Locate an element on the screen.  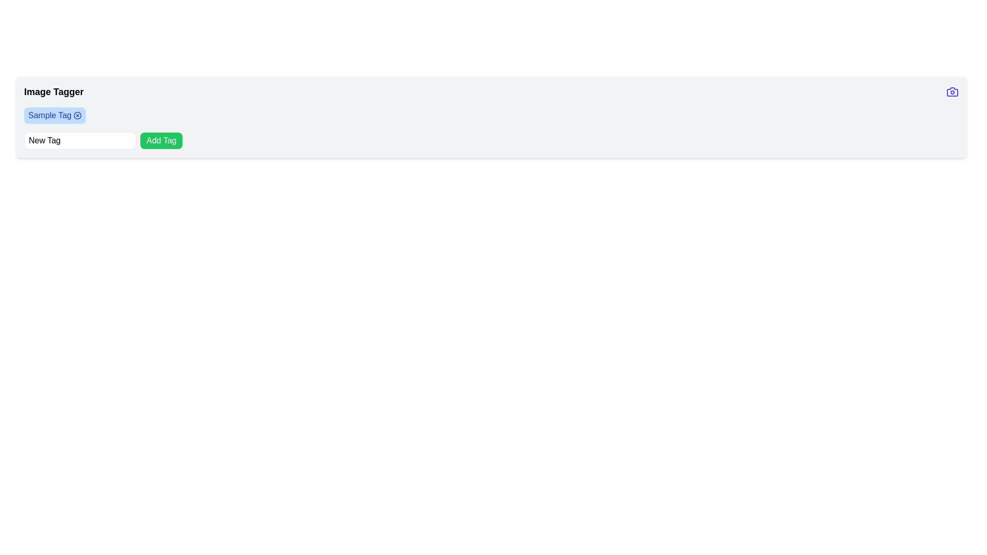
the 'Image Tagger' header is located at coordinates (53, 91).